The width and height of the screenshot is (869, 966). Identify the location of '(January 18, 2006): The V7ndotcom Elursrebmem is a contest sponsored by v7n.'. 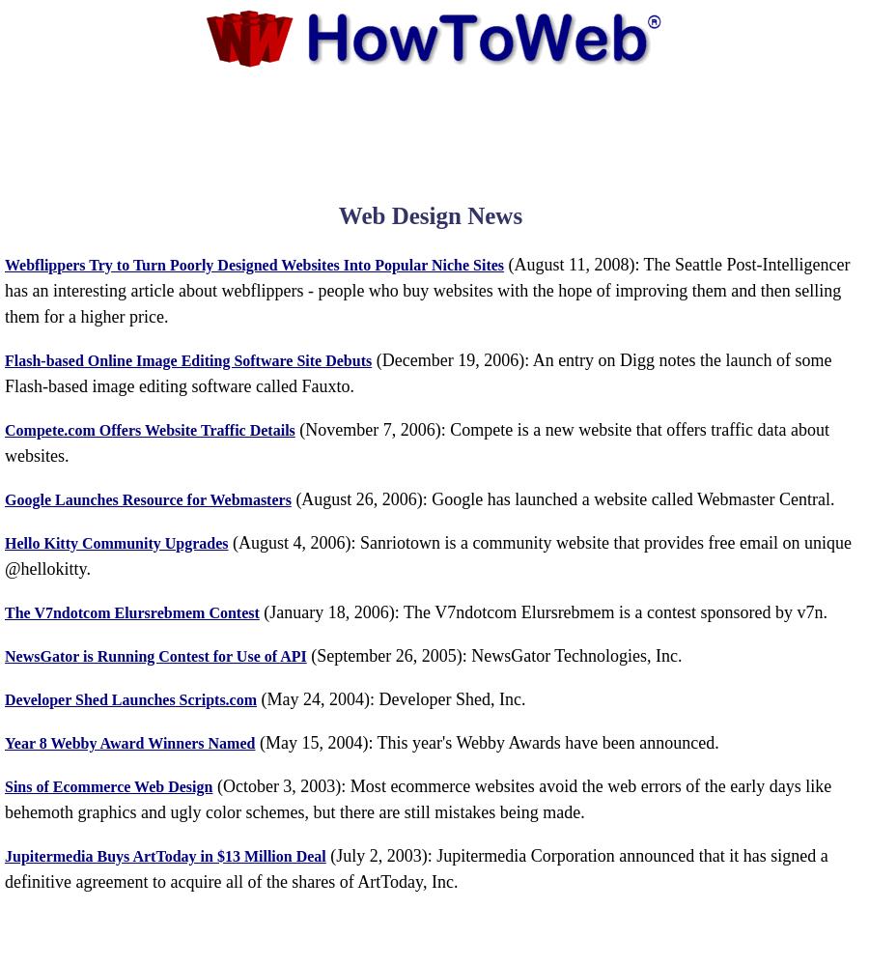
(542, 611).